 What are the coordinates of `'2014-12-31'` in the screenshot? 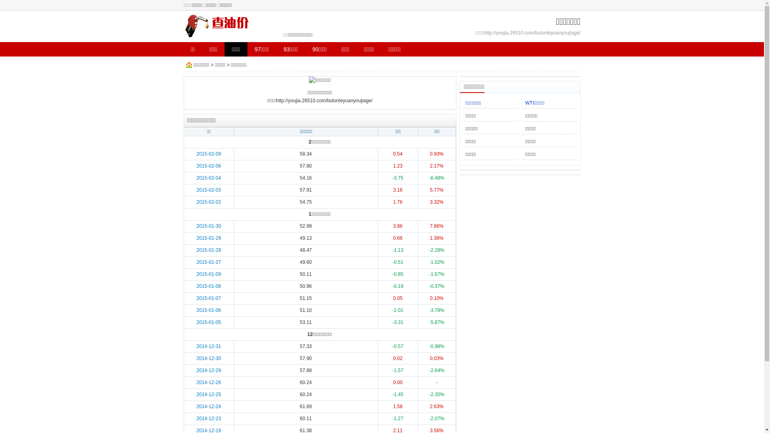 It's located at (196, 346).